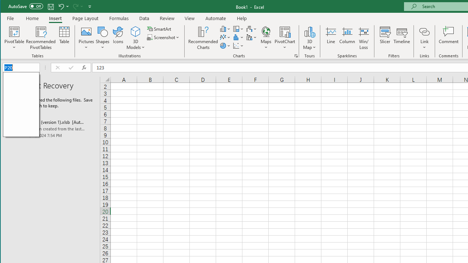  I want to click on 'Insert Pie or Doughnut Chart', so click(225, 46).